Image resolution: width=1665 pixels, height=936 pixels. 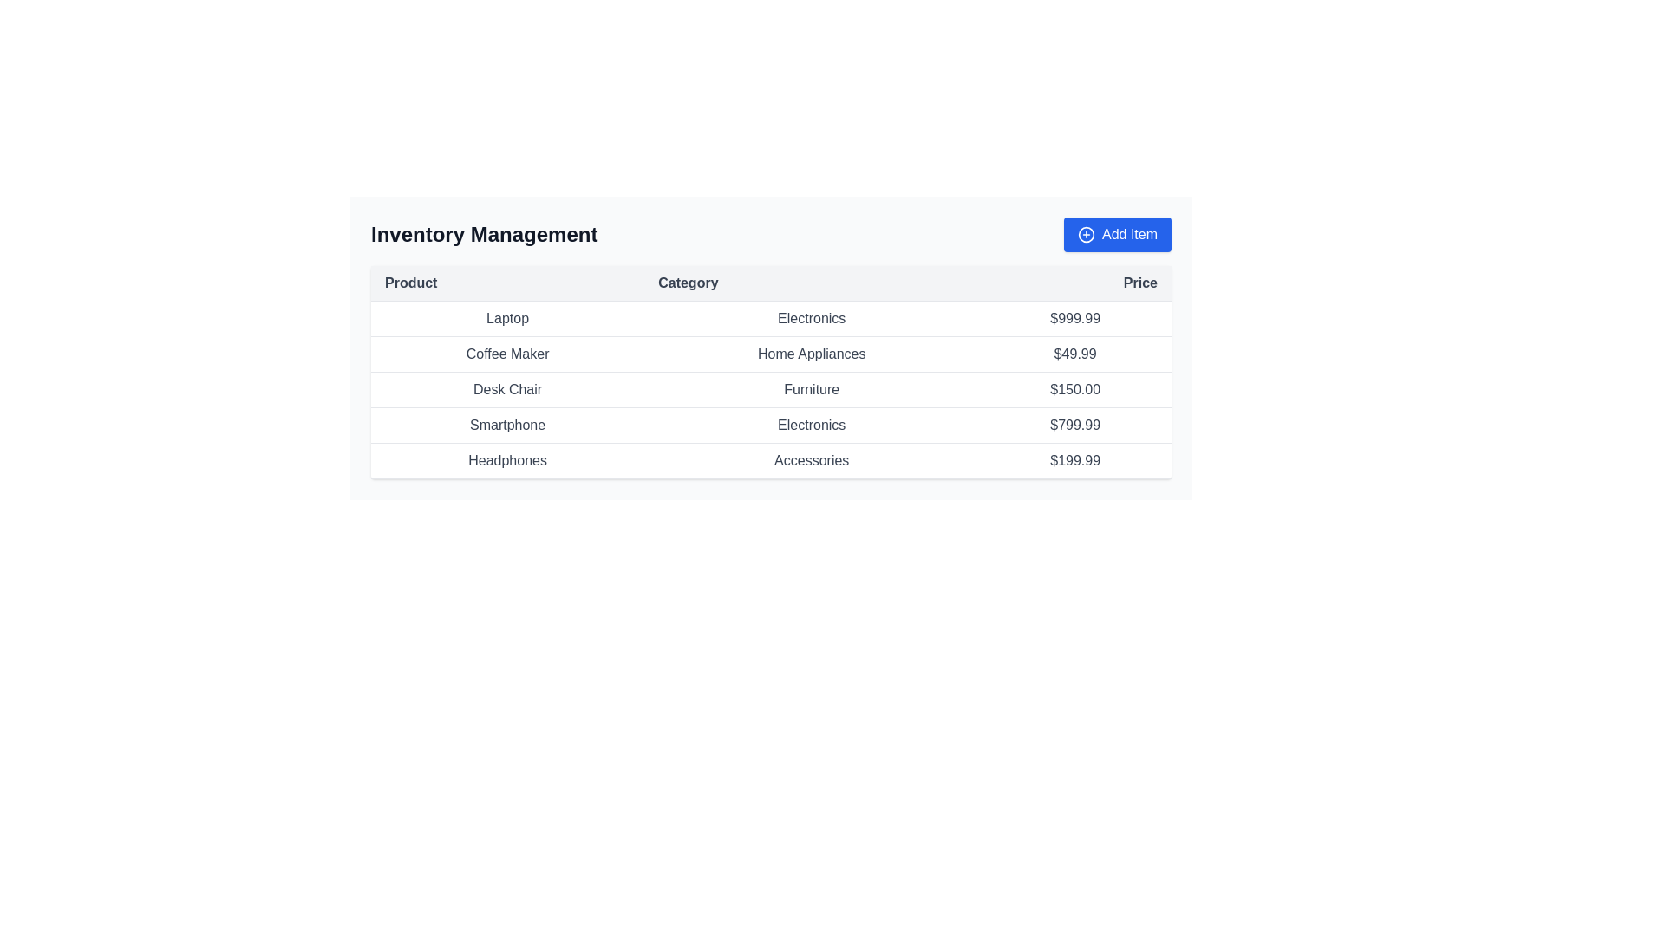 What do you see at coordinates (811, 318) in the screenshot?
I see `the static text element that displays the category 'Electronics' for the product 'Laptop' in the tabular inventory management interface` at bounding box center [811, 318].